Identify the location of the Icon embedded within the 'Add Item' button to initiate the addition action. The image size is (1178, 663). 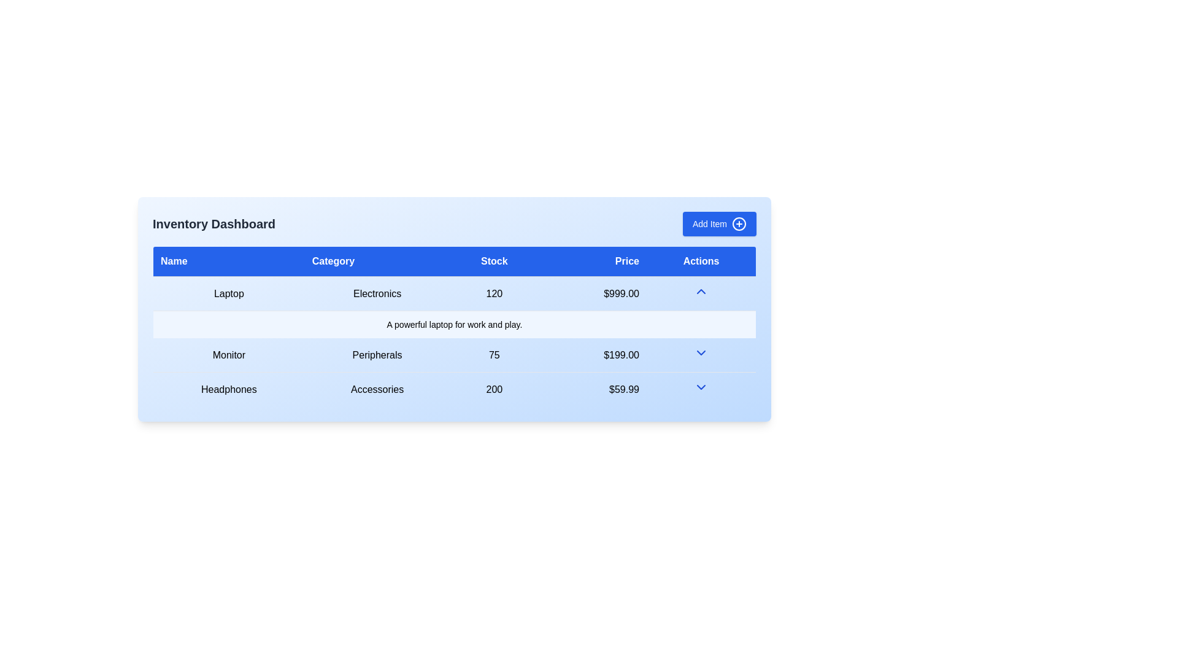
(738, 224).